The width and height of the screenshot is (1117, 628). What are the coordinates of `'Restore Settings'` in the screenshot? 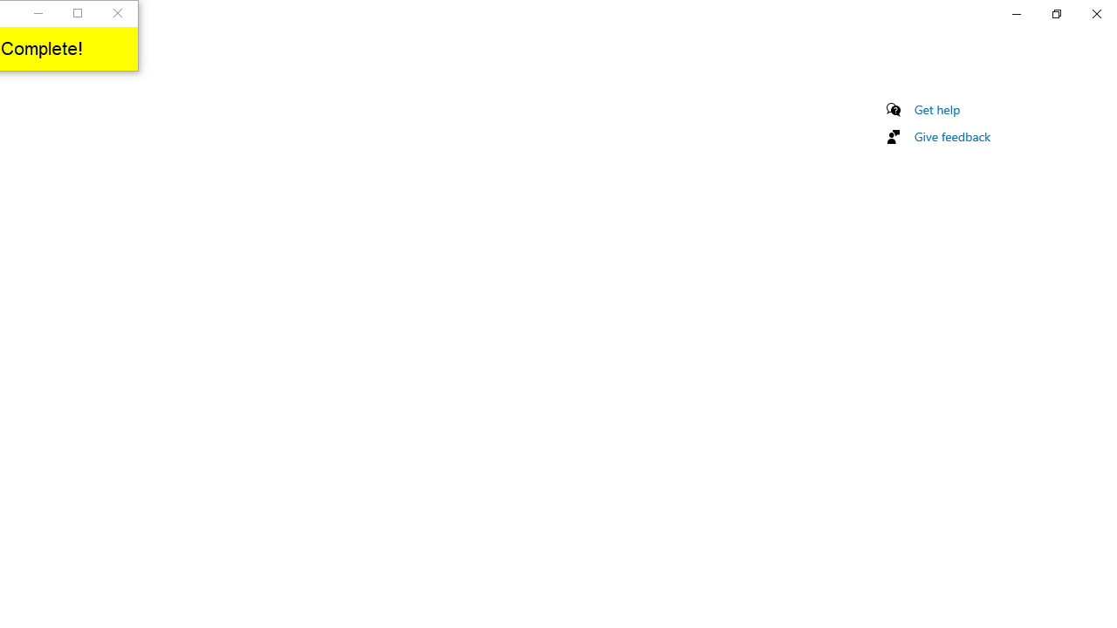 It's located at (1055, 13).